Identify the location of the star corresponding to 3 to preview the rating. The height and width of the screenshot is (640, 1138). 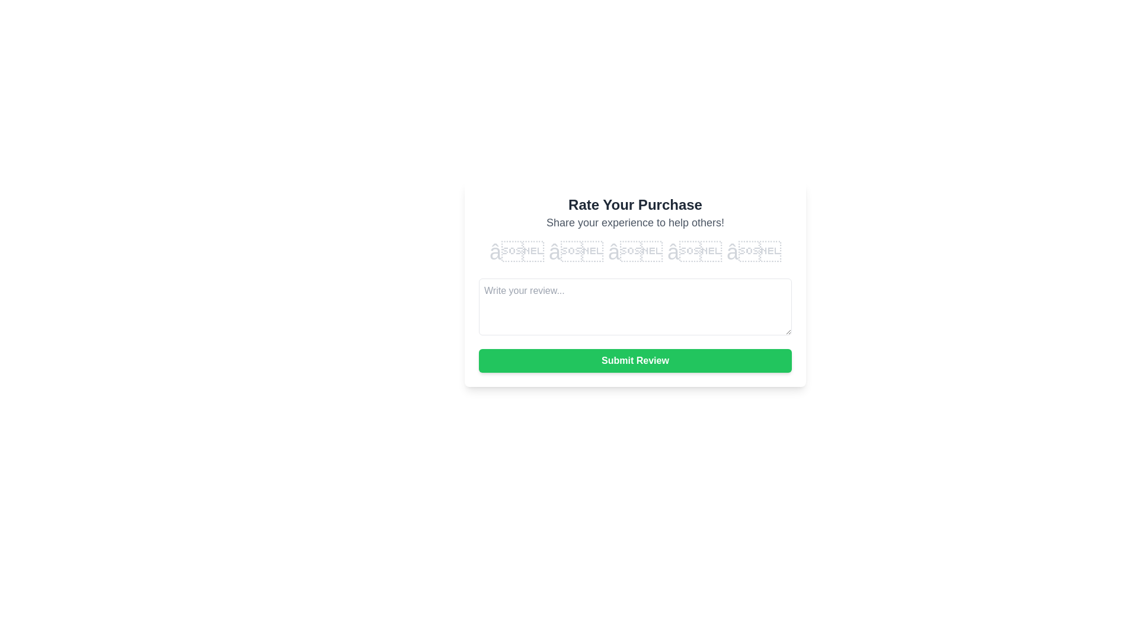
(634, 251).